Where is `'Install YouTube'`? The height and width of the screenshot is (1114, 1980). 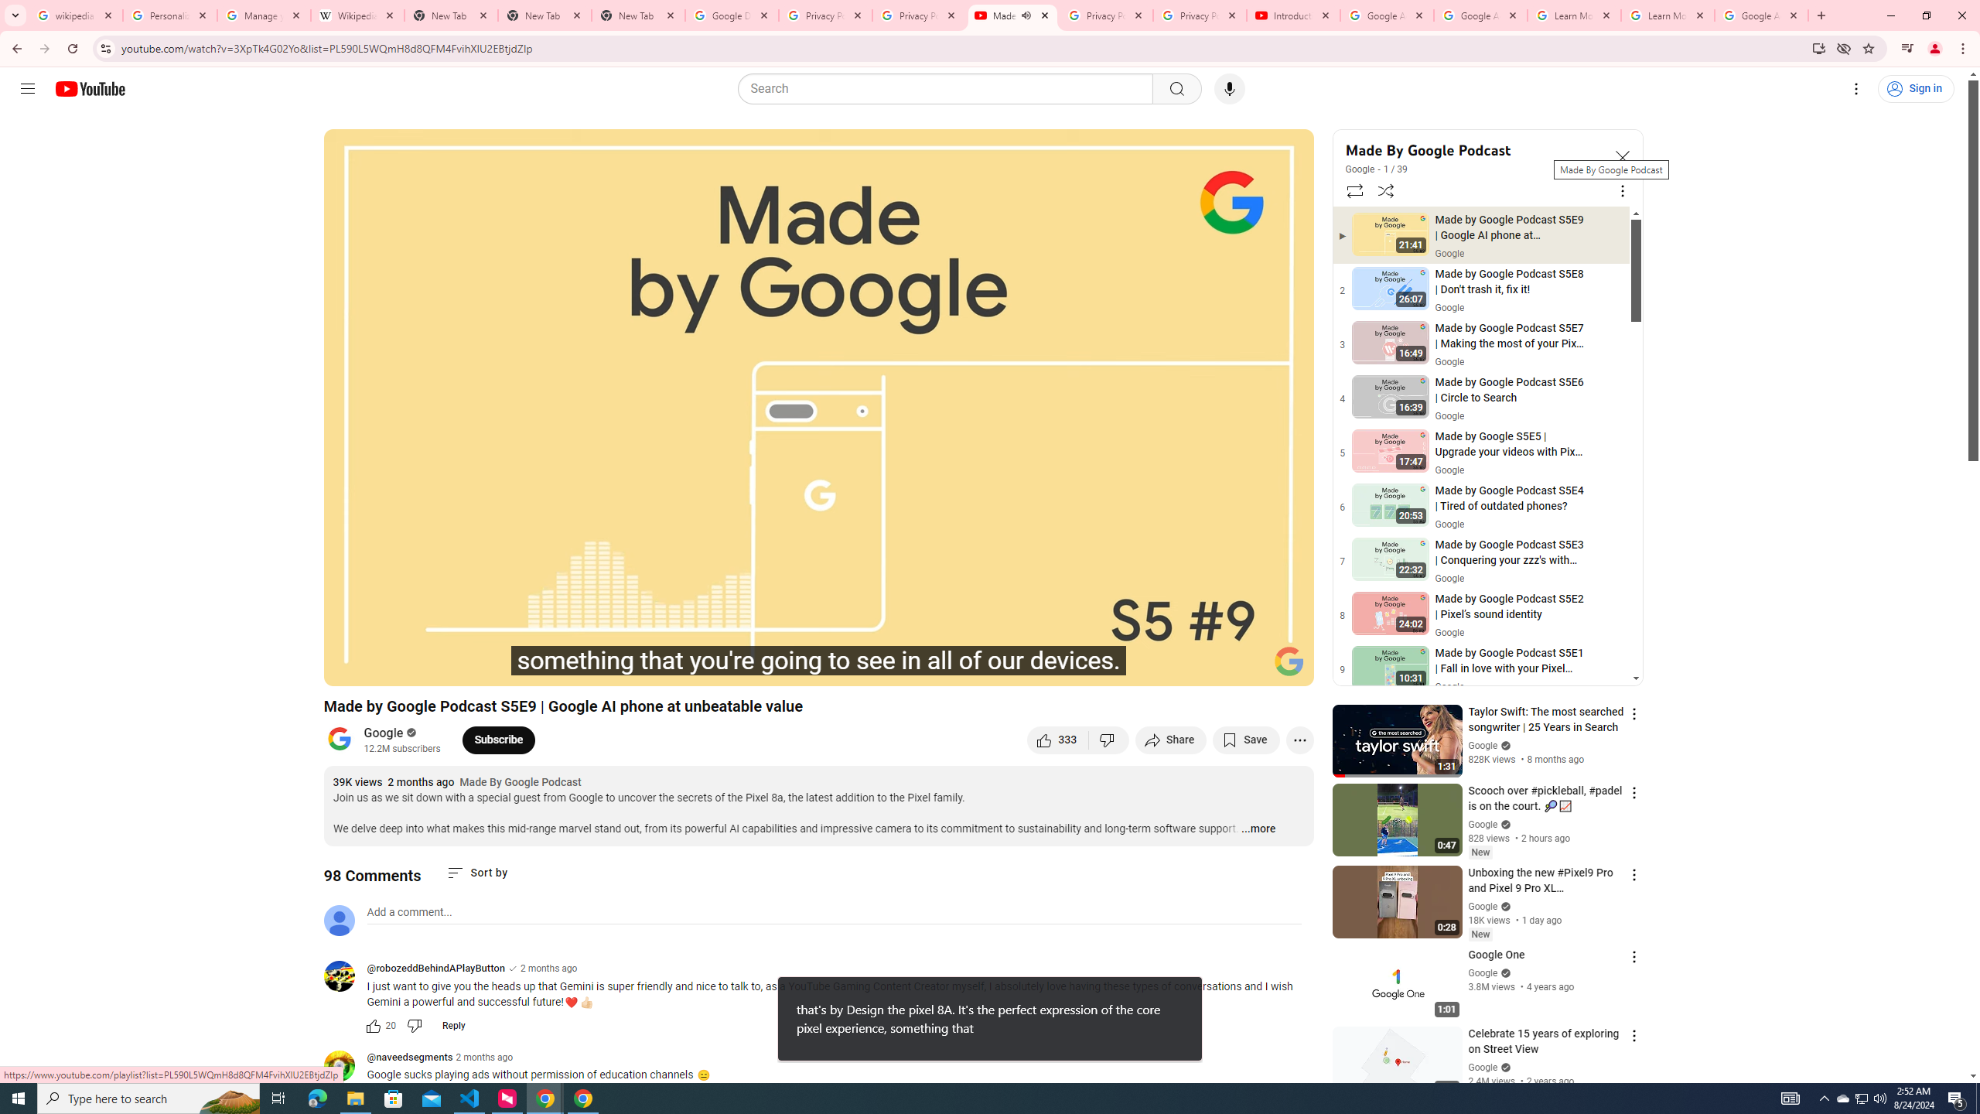 'Install YouTube' is located at coordinates (1818, 47).